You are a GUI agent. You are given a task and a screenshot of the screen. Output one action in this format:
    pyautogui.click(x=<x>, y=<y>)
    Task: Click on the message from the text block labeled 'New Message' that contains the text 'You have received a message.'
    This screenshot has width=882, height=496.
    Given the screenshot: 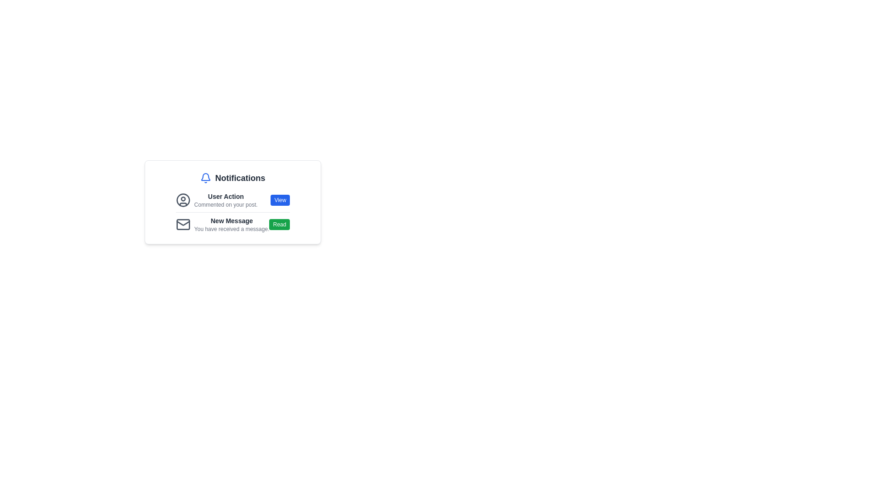 What is the action you would take?
    pyautogui.click(x=232, y=225)
    